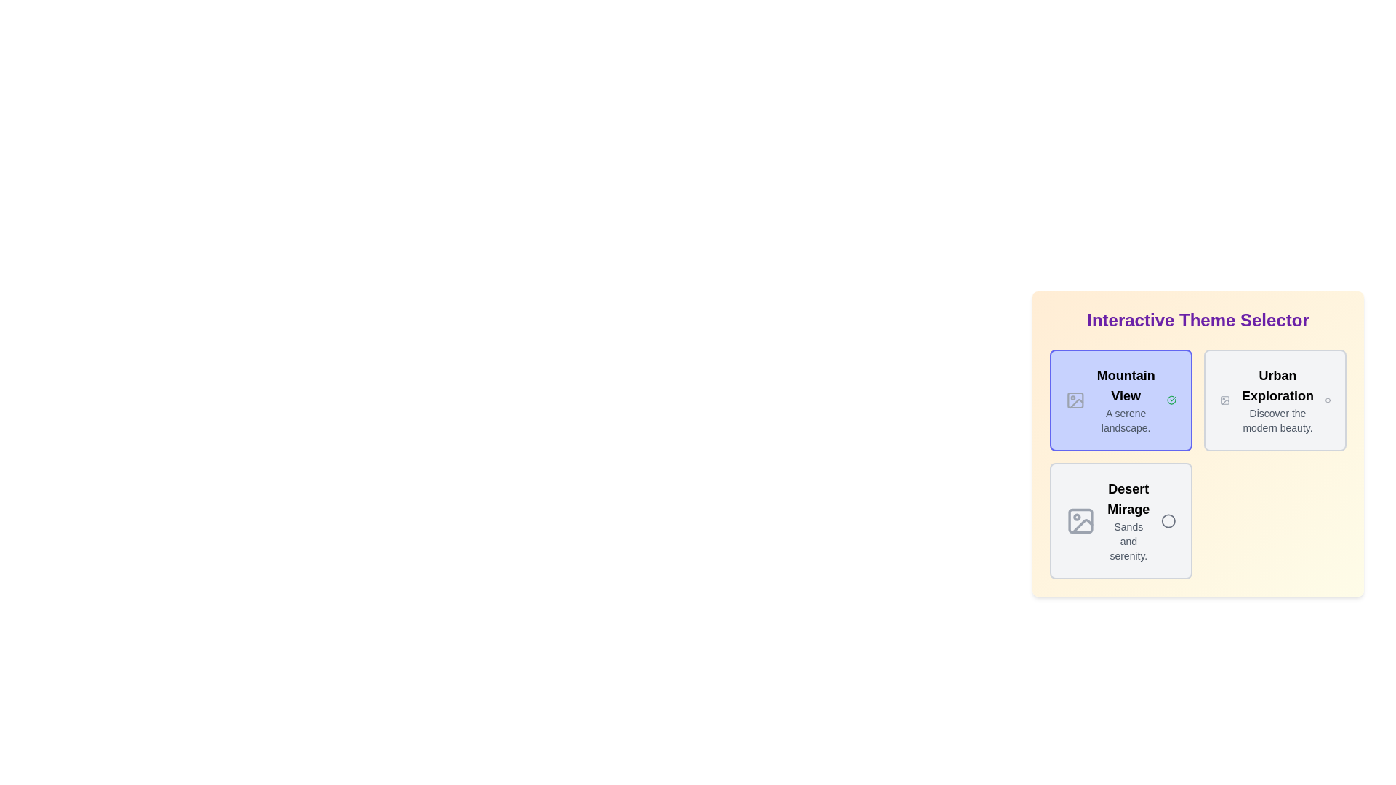 This screenshot has width=1396, height=785. Describe the element at coordinates (1274, 400) in the screenshot. I see `the chip corresponding to Urban Exploration` at that location.